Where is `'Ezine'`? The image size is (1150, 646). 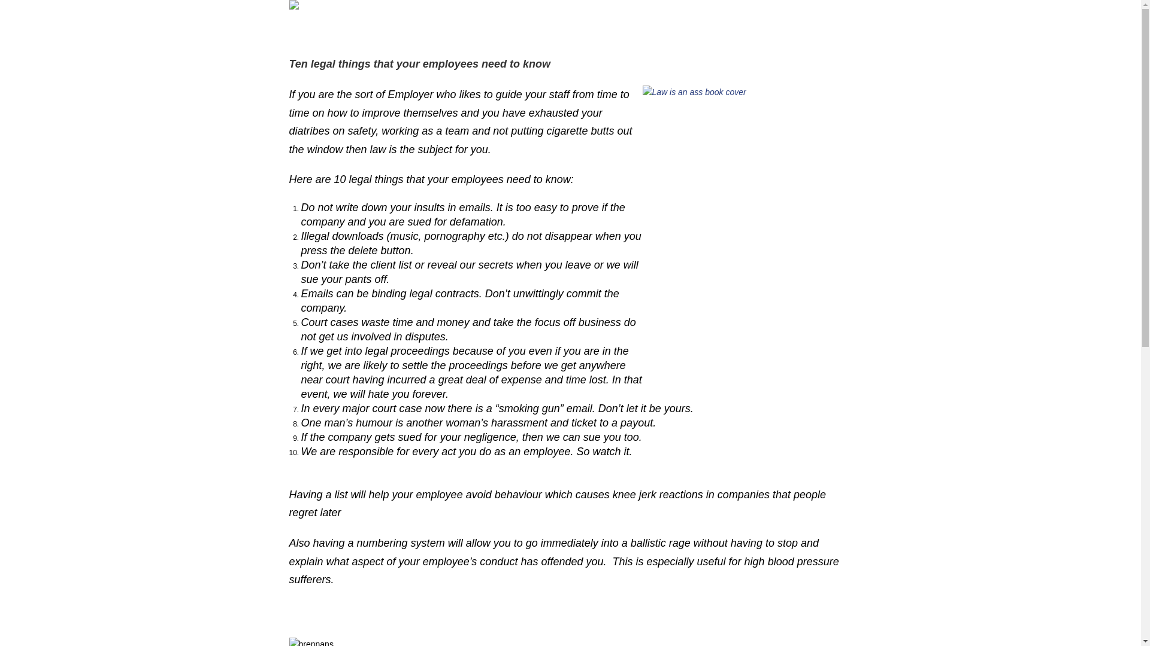 'Ezine' is located at coordinates (523, 25).